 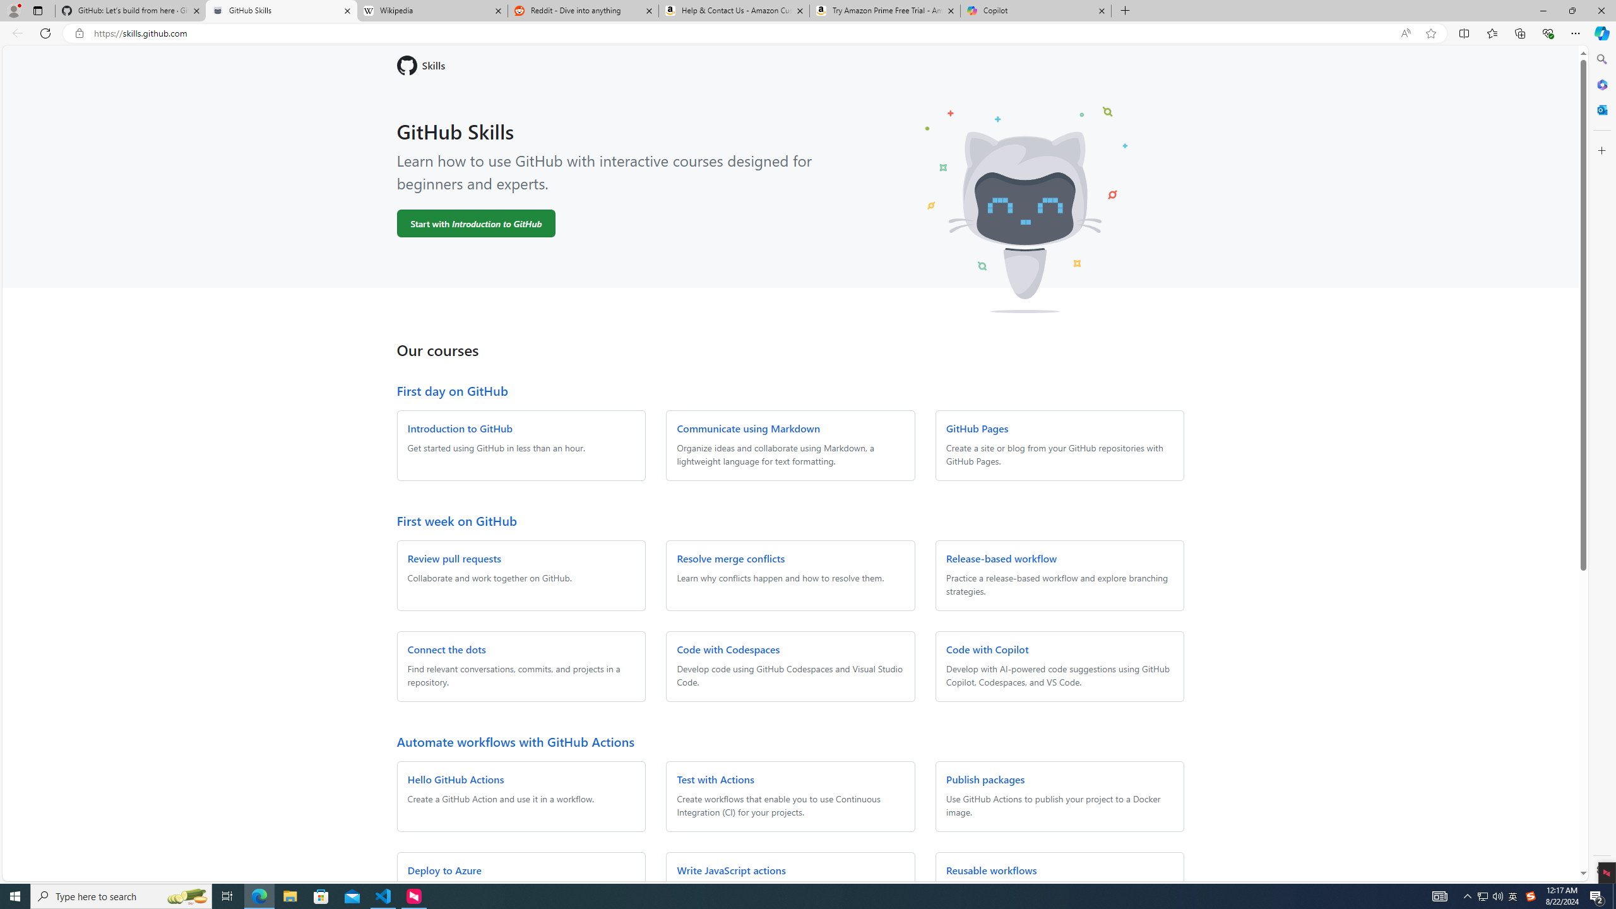 What do you see at coordinates (456, 520) in the screenshot?
I see `'First week on GitHub'` at bounding box center [456, 520].